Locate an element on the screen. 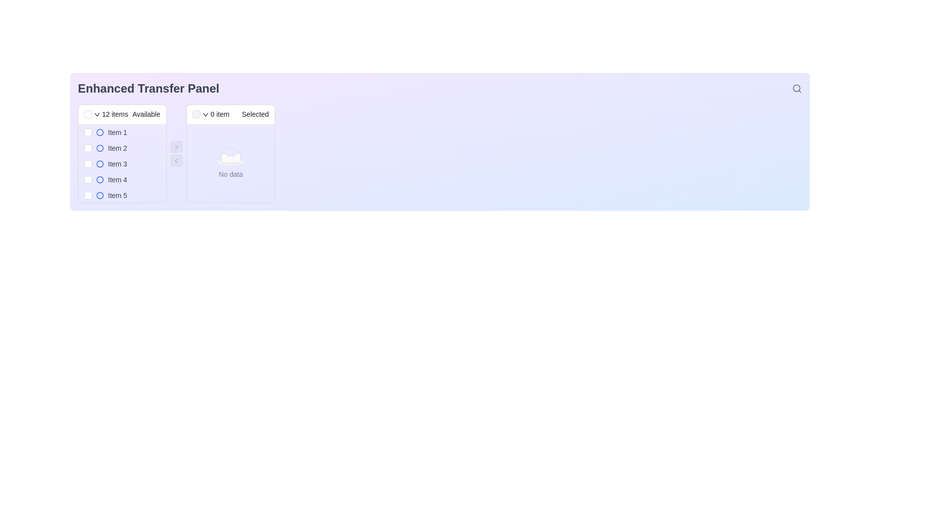 The image size is (947, 532). the selection indicator associated with the third item in the 'Available' list, which is labeled as 'Item 3' is located at coordinates (117, 163).